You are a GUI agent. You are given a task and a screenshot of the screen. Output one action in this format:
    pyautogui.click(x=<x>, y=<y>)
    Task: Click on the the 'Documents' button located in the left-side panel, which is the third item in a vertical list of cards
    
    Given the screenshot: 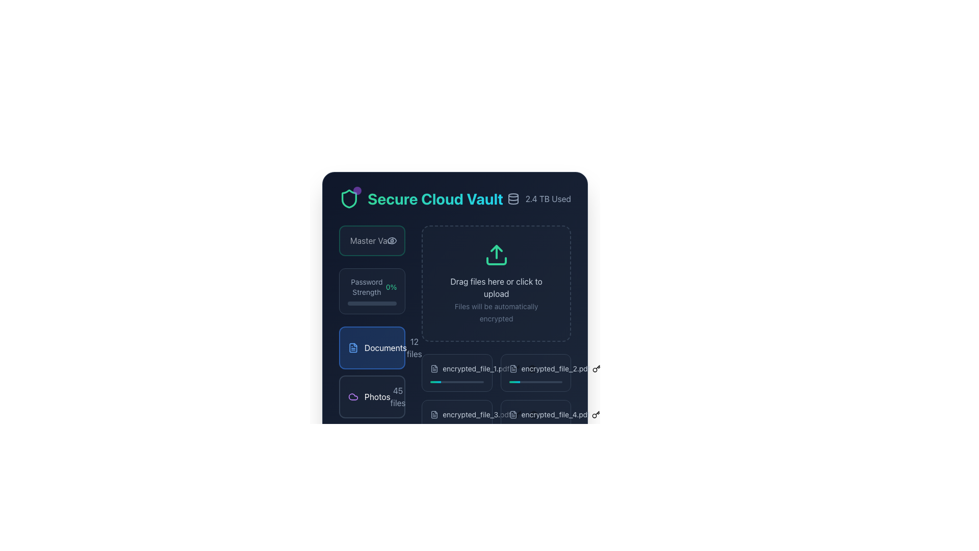 What is the action you would take?
    pyautogui.click(x=372, y=366)
    